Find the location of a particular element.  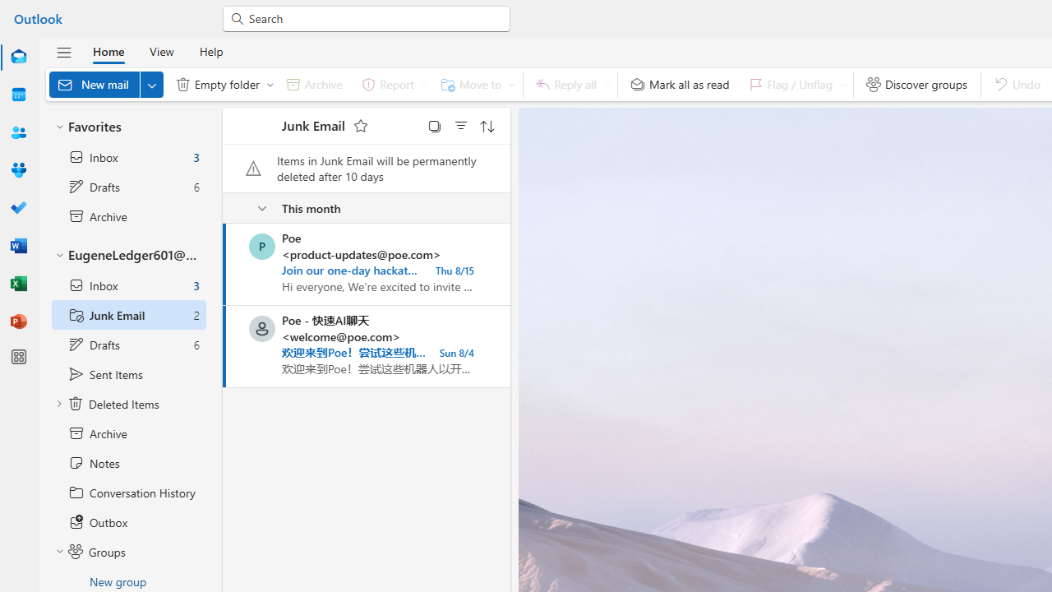

'Reply all' is located at coordinates (570, 84).